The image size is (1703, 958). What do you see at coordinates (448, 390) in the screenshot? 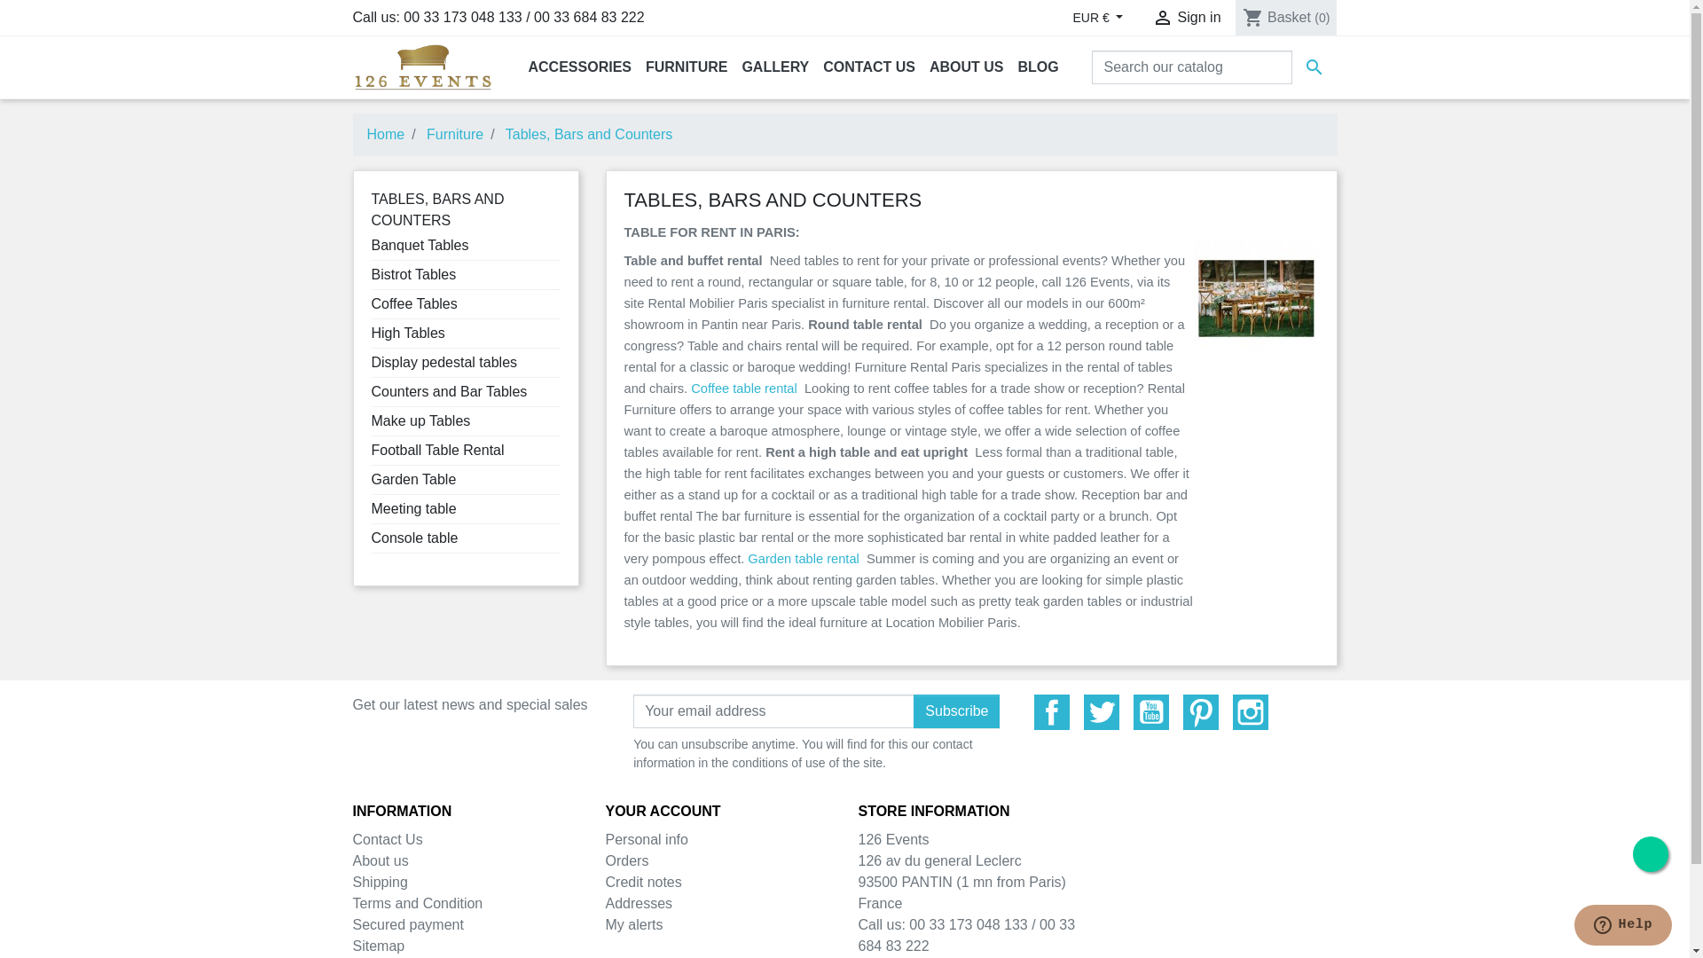
I see `'Counters and Bar Tables'` at bounding box center [448, 390].